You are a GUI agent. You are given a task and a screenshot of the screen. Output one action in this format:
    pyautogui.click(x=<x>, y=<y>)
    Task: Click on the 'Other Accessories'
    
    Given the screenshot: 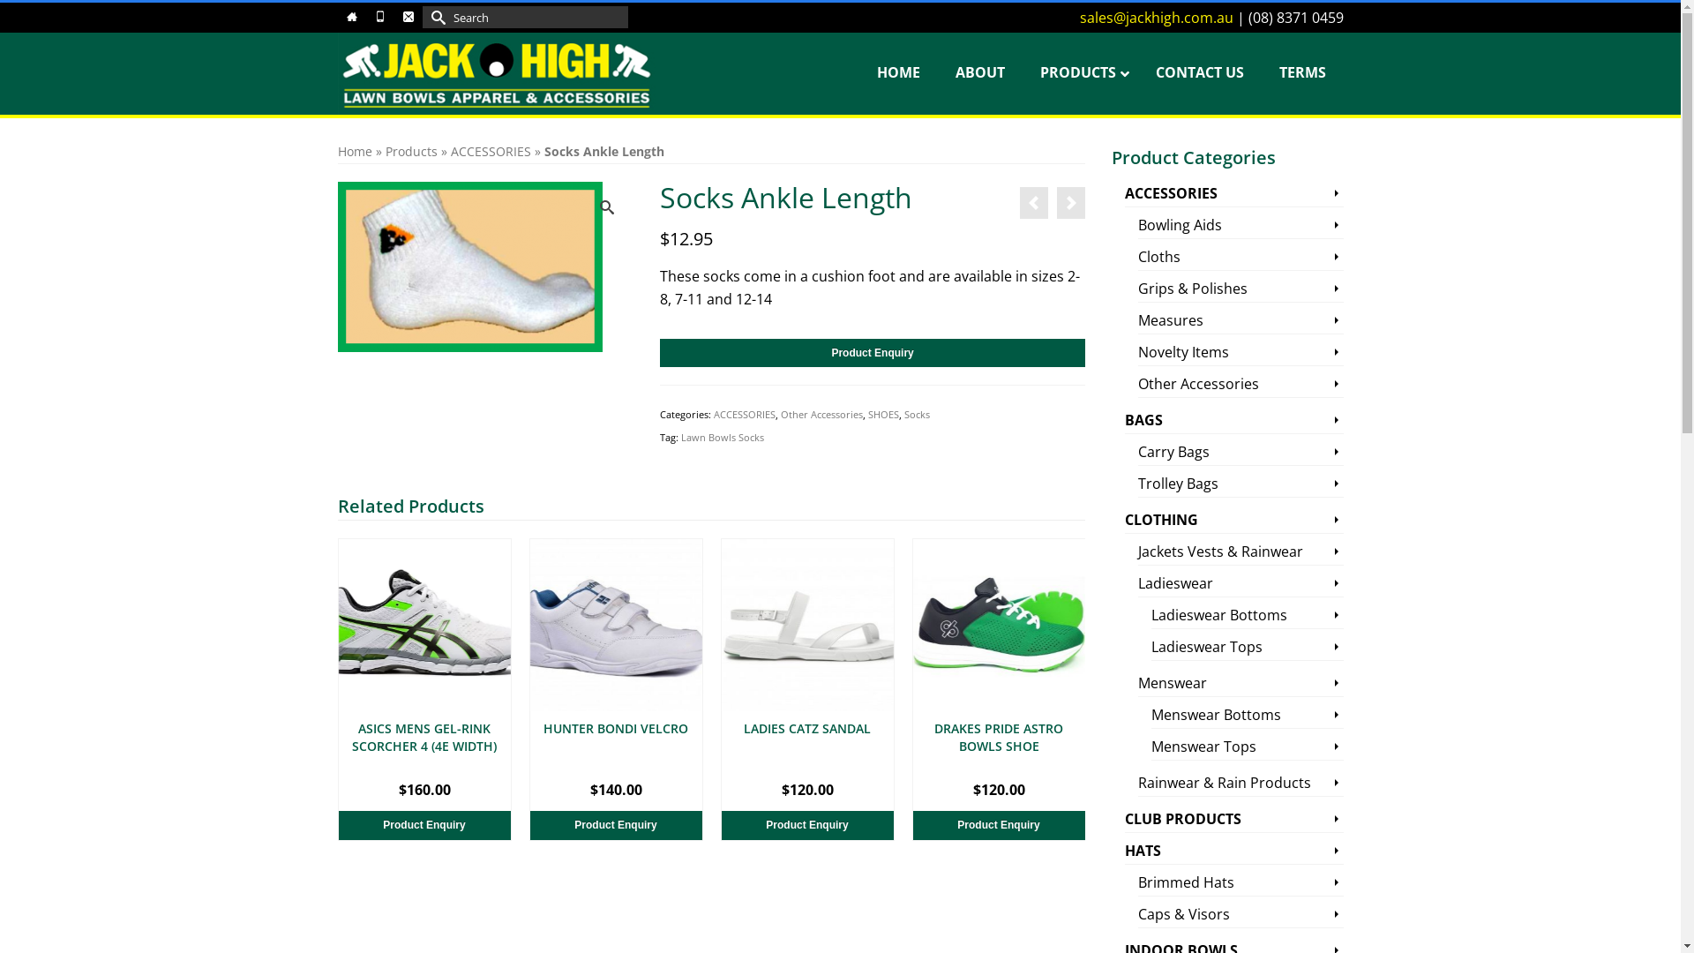 What is the action you would take?
    pyautogui.click(x=821, y=414)
    